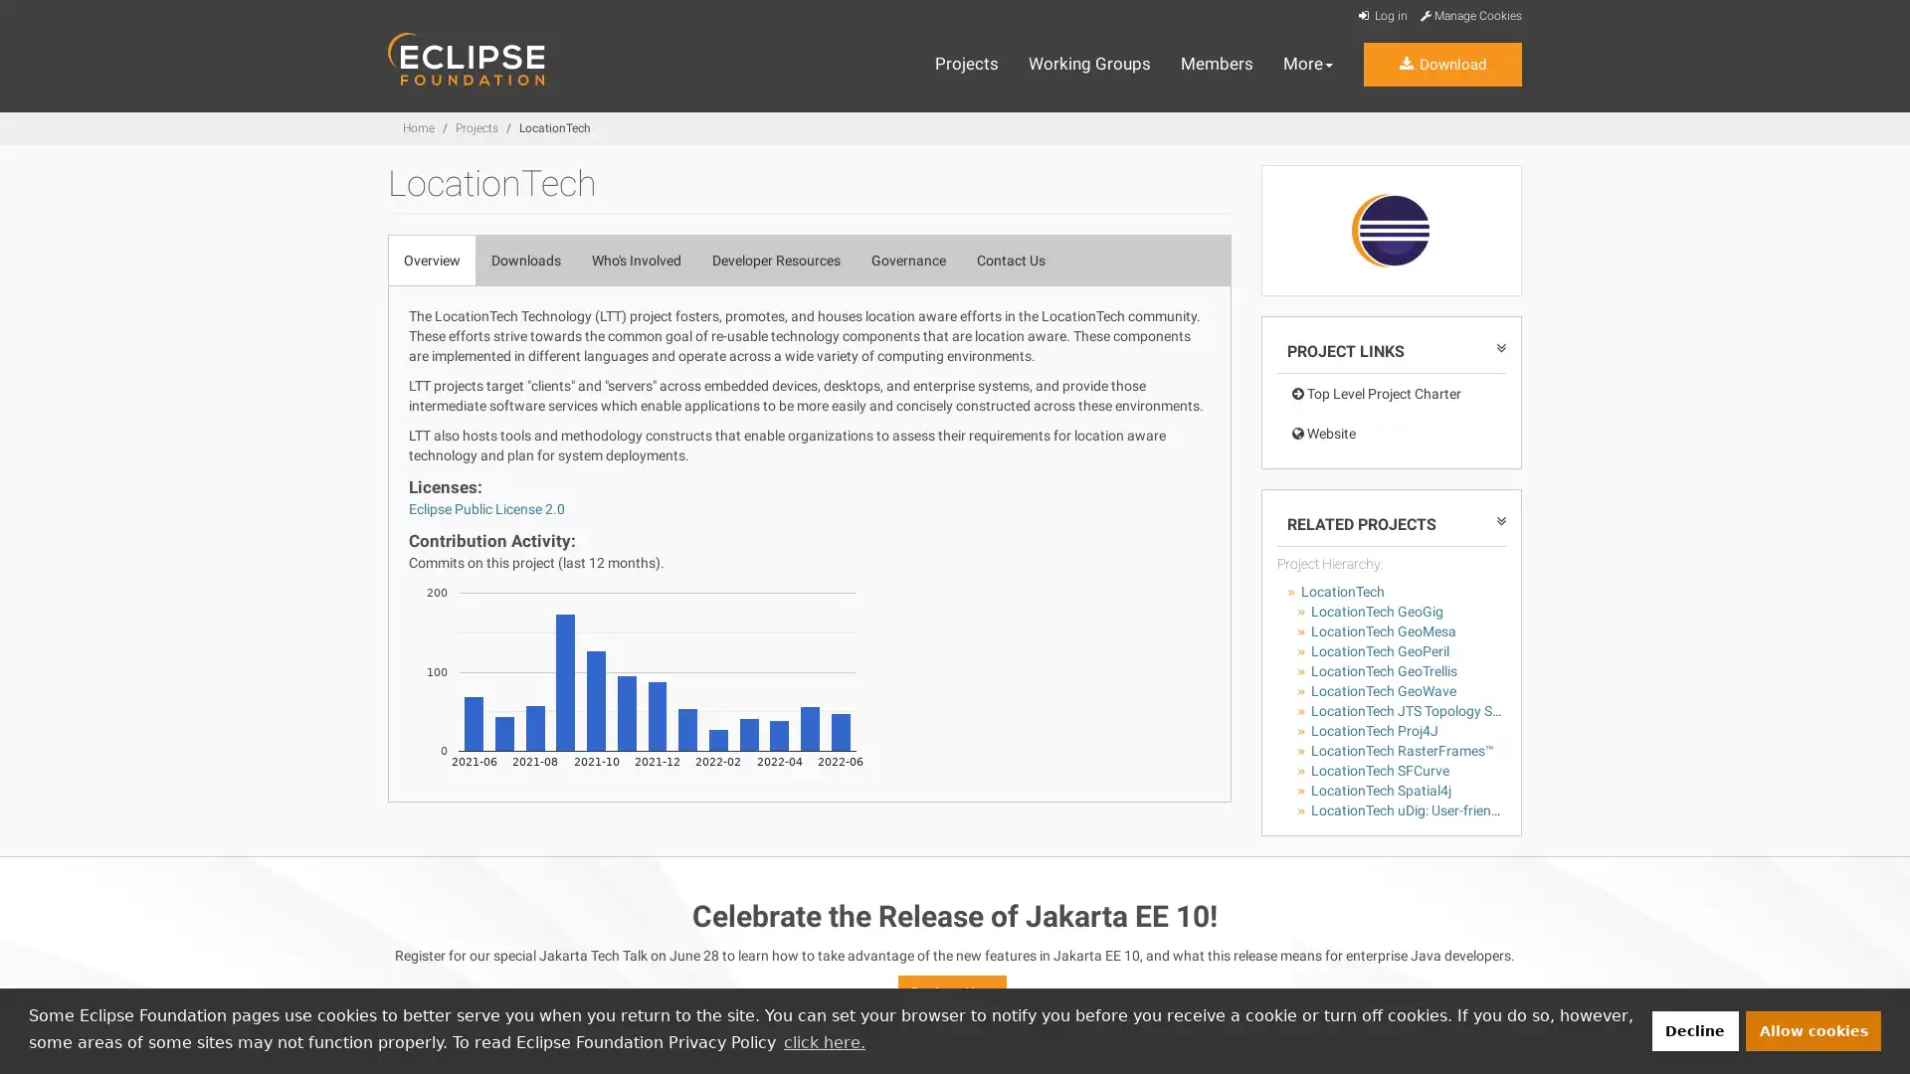  What do you see at coordinates (824, 1041) in the screenshot?
I see `learn more about cookies` at bounding box center [824, 1041].